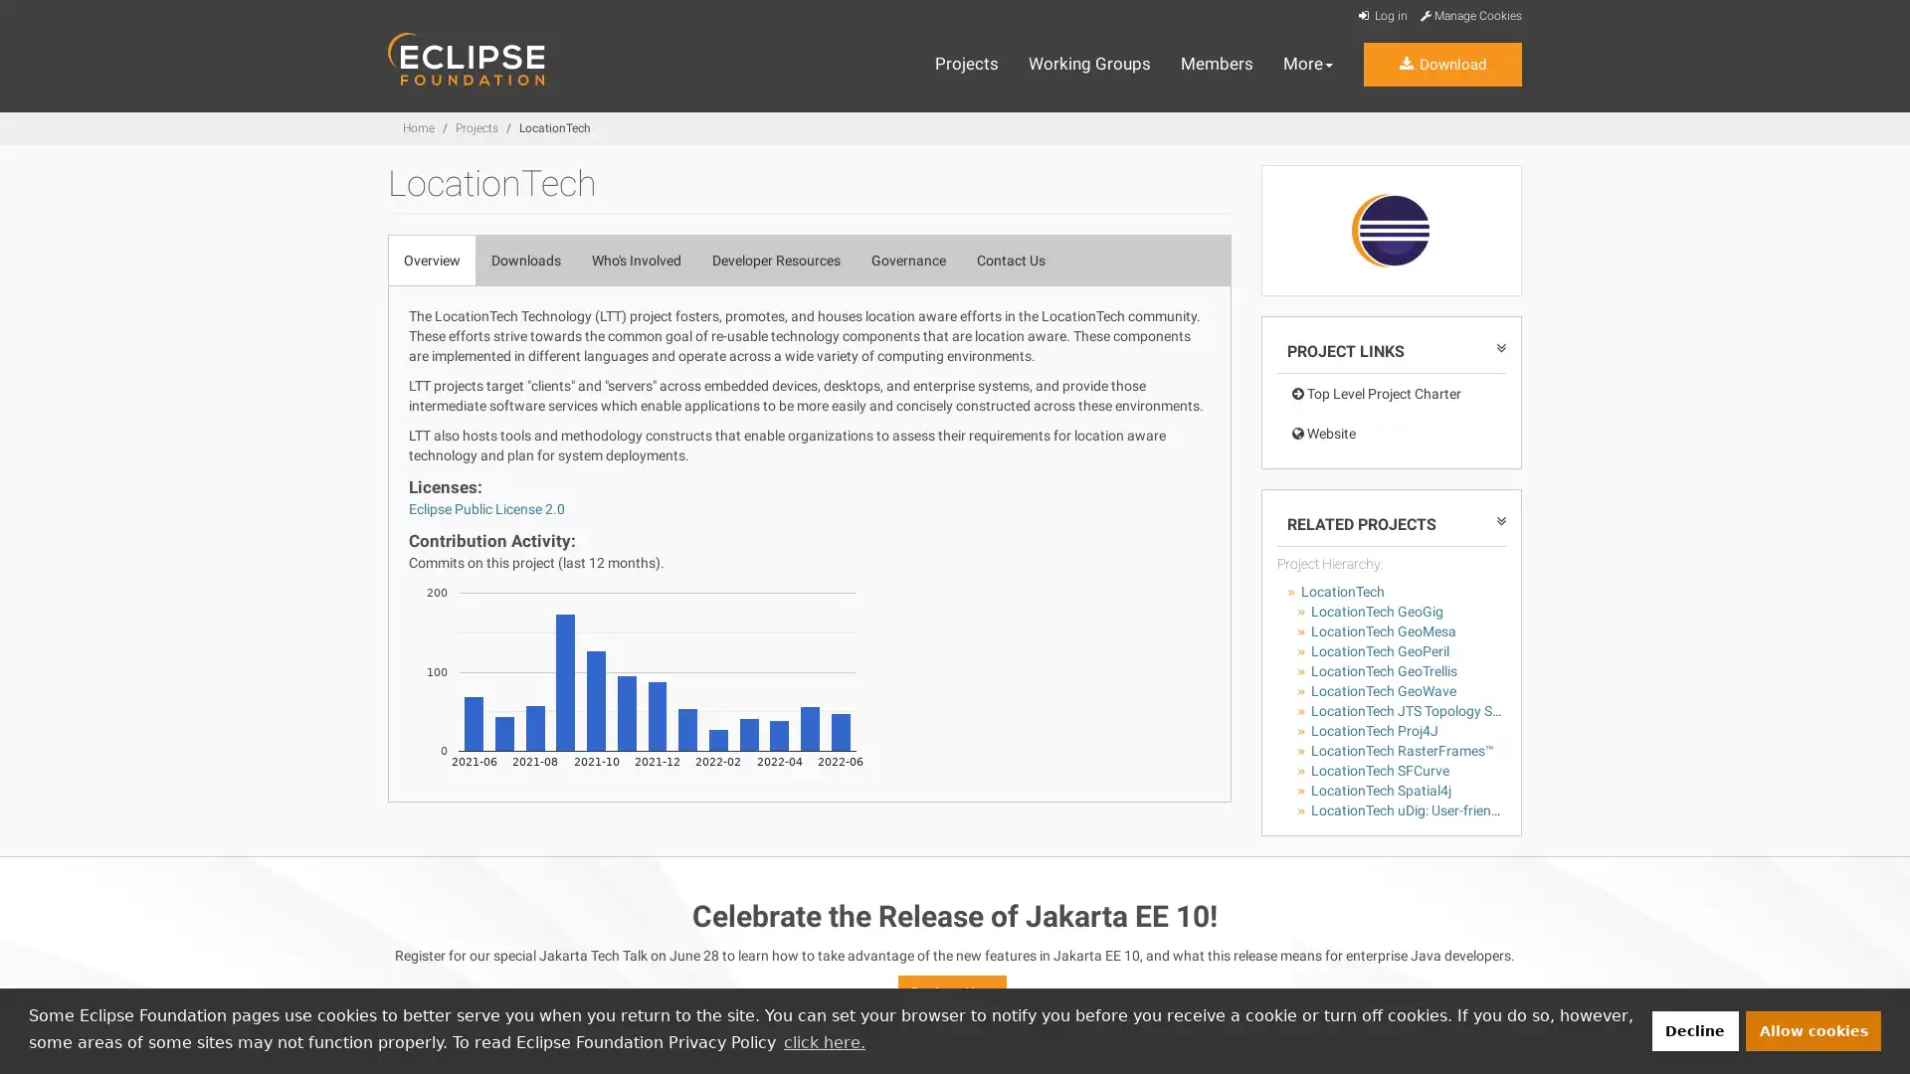  What do you see at coordinates (824, 1041) in the screenshot?
I see `learn more about cookies` at bounding box center [824, 1041].